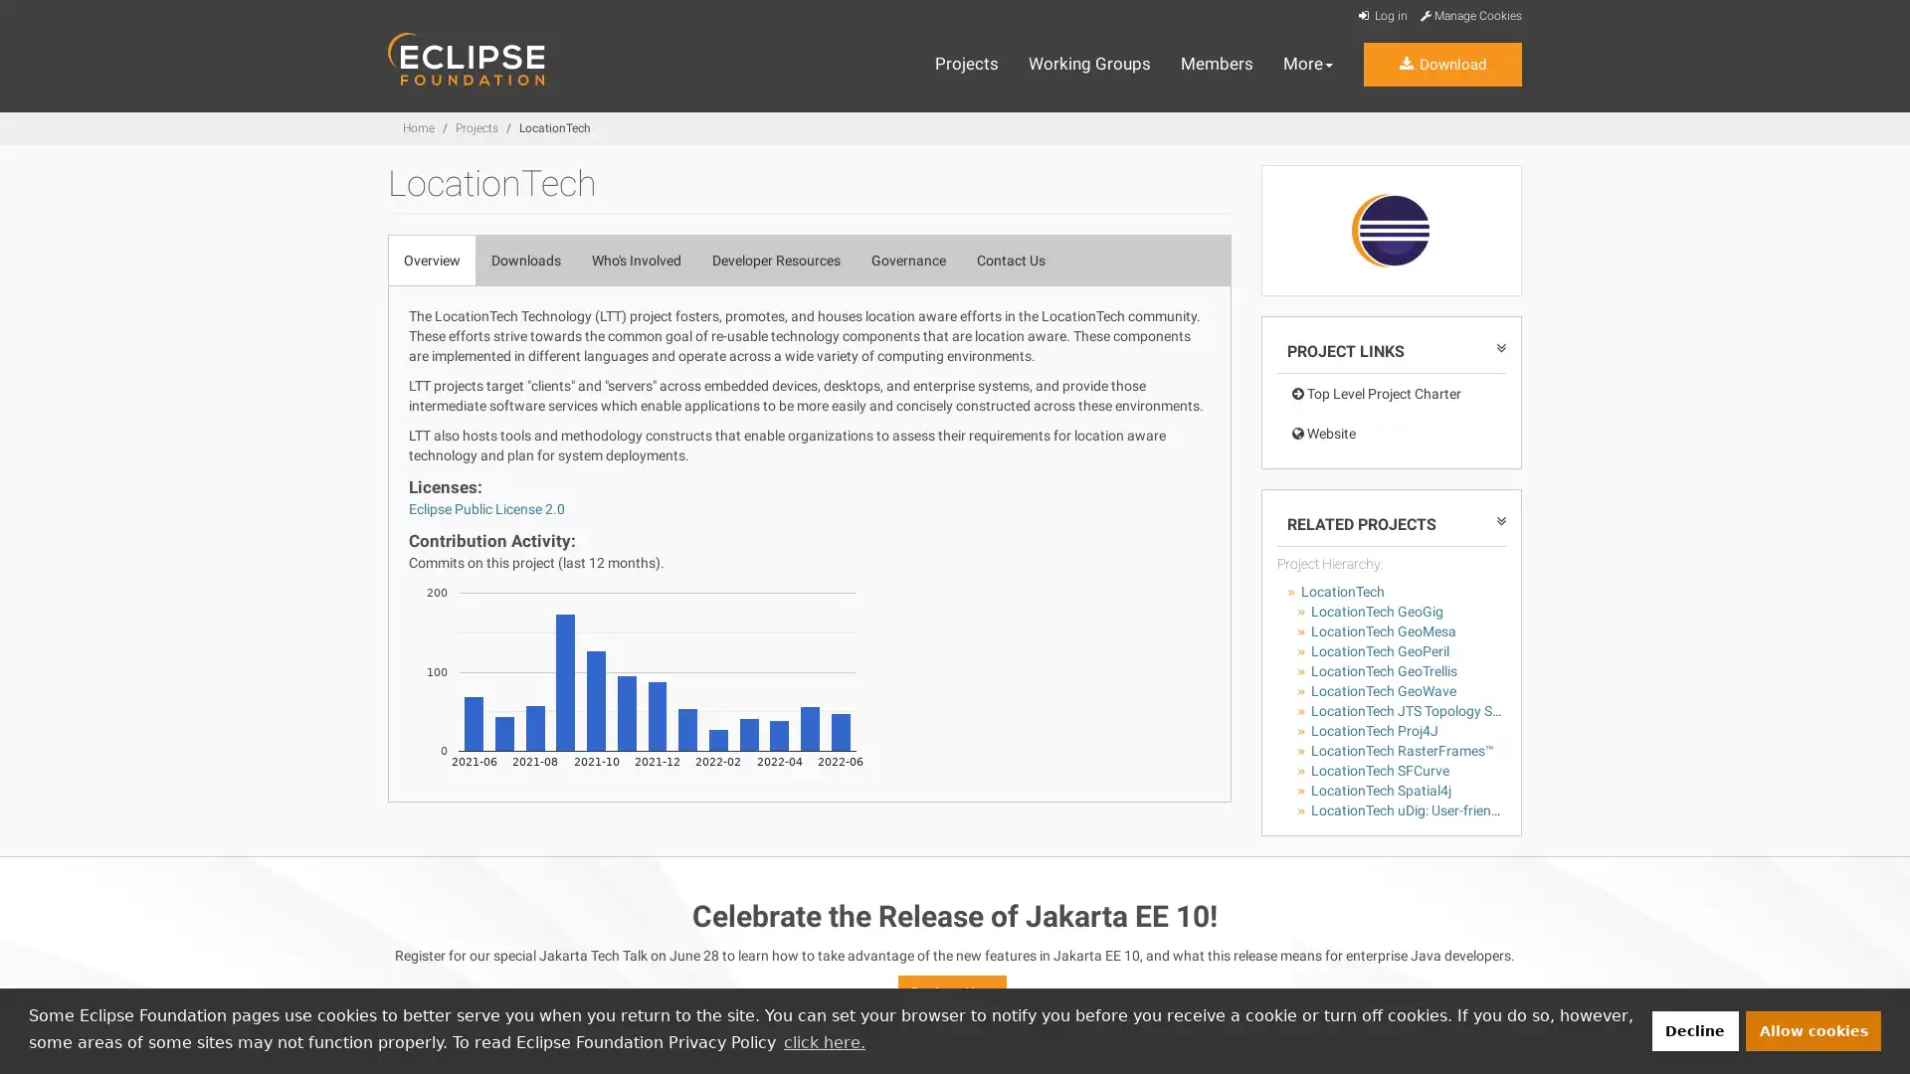  What do you see at coordinates (824, 1041) in the screenshot?
I see `learn more about cookies` at bounding box center [824, 1041].